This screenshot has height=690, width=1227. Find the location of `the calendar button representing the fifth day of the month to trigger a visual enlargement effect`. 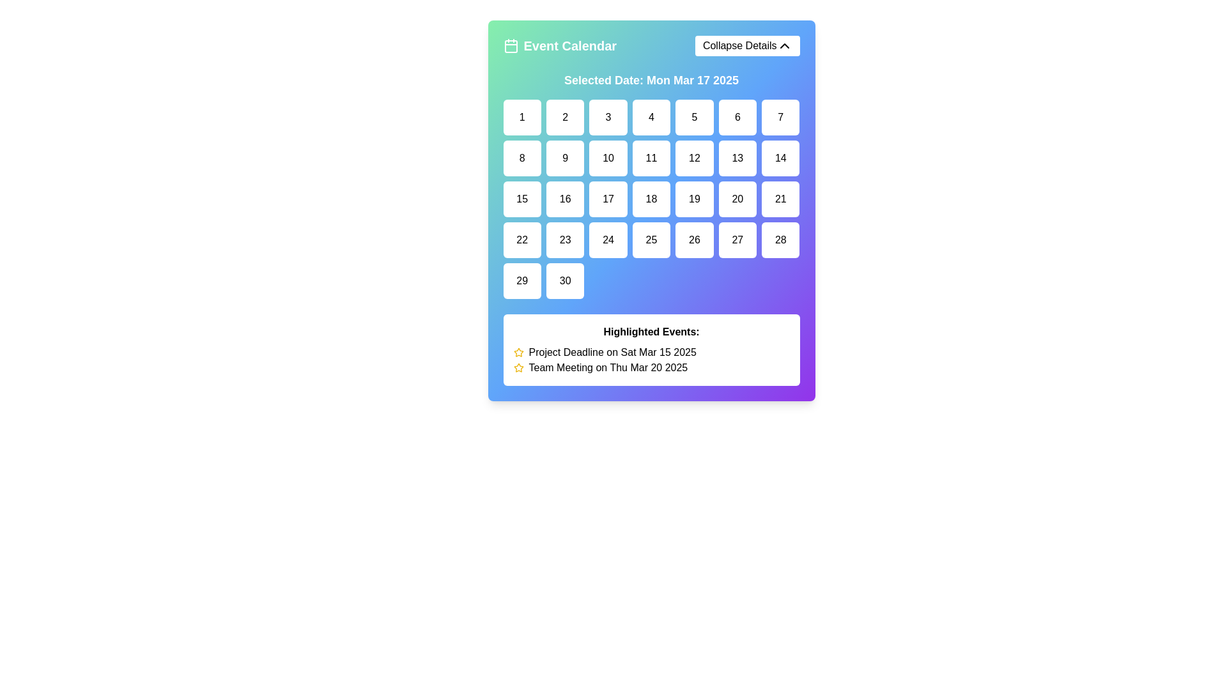

the calendar button representing the fifth day of the month to trigger a visual enlargement effect is located at coordinates (693, 118).